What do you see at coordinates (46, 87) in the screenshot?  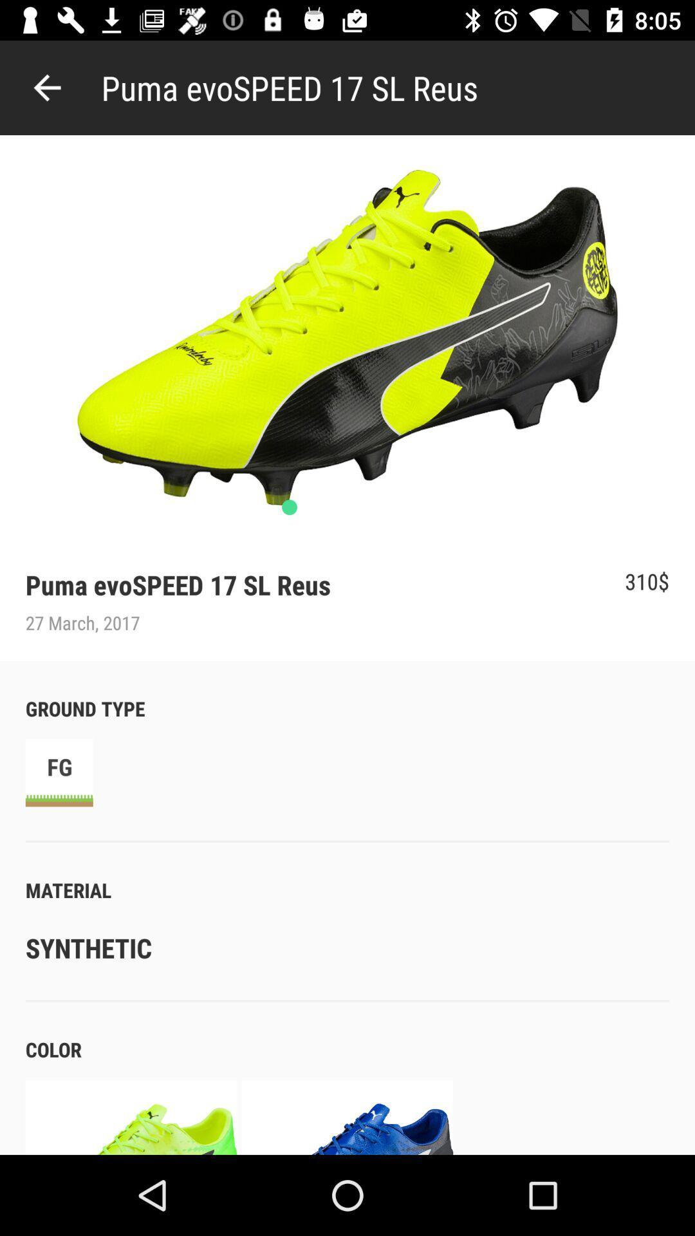 I see `the icon to the left of puma evospeed 17 app` at bounding box center [46, 87].